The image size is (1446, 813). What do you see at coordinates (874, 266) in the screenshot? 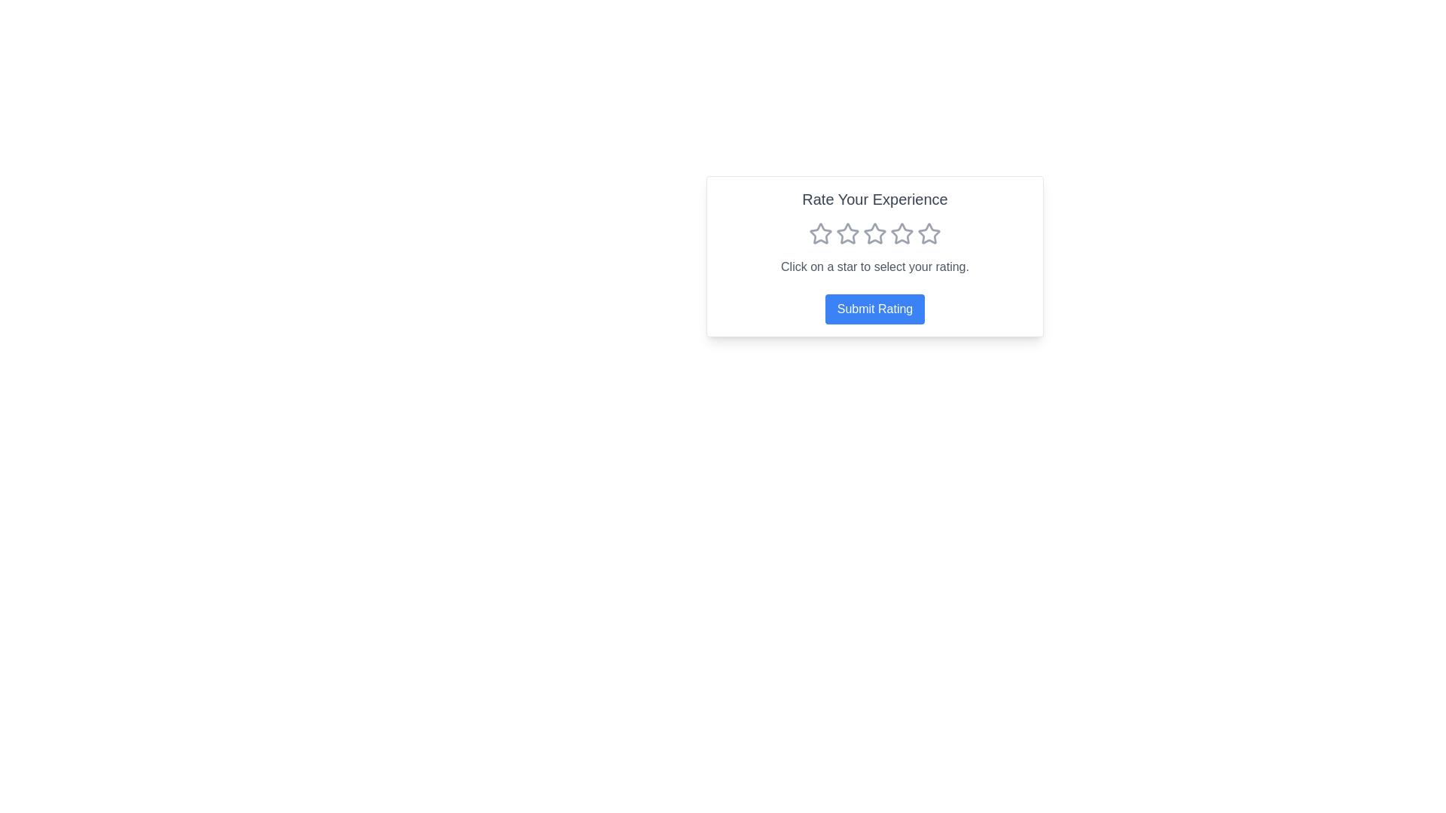
I see `the Text Label that provides instructions for the rating mechanism, located below the stars and above the 'Submit Rating' button` at bounding box center [874, 266].